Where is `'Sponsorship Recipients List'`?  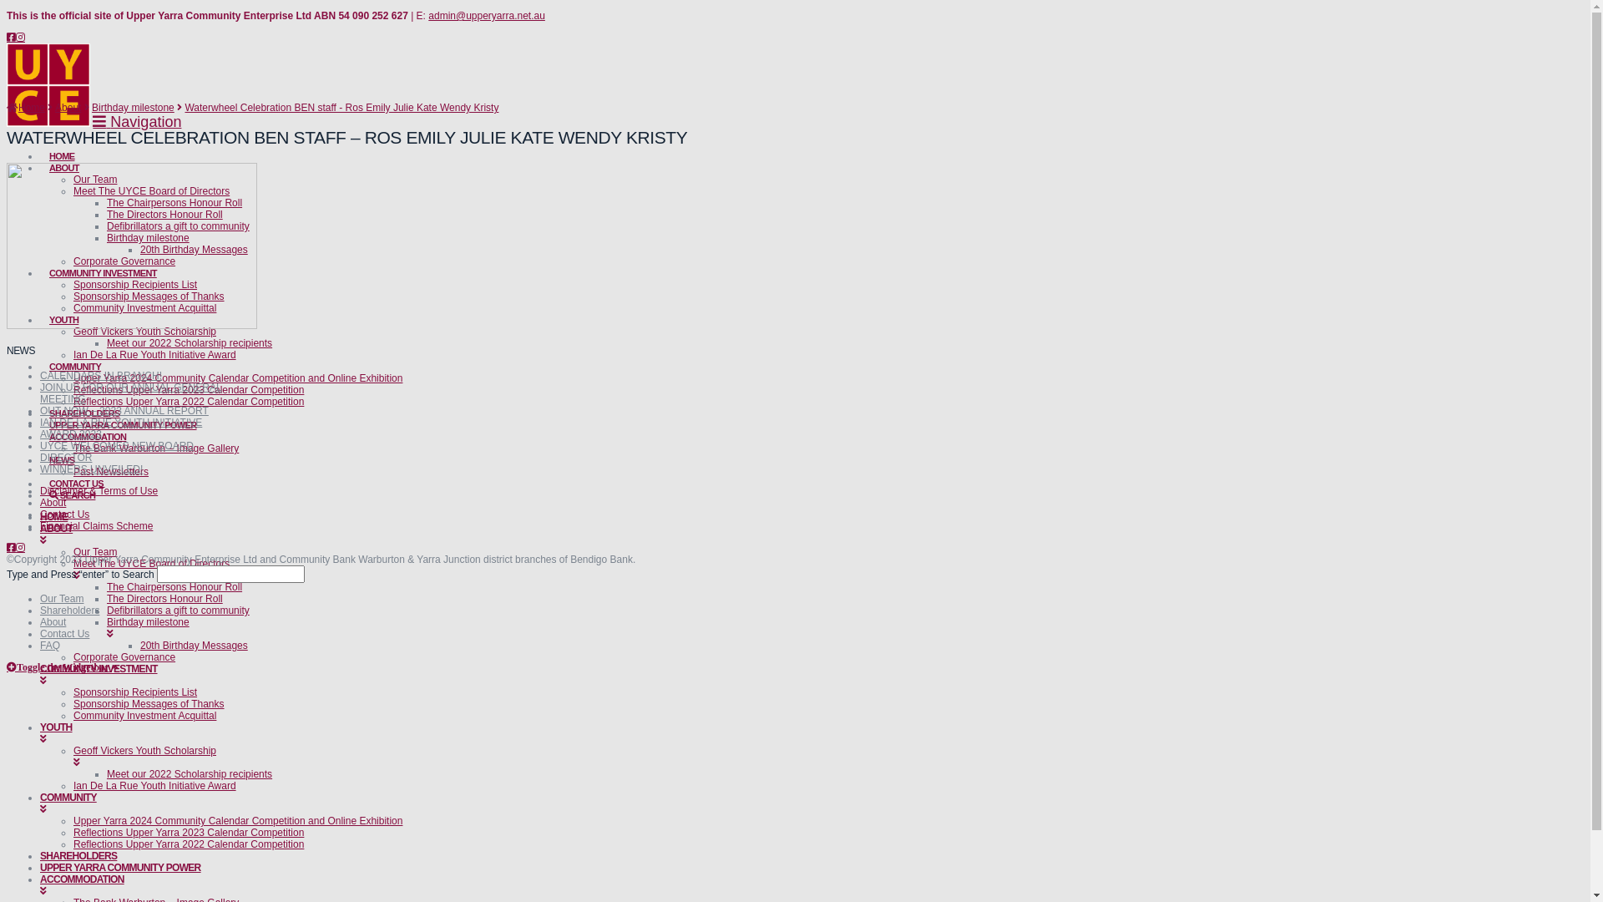
'Sponsorship Recipients List' is located at coordinates (135, 692).